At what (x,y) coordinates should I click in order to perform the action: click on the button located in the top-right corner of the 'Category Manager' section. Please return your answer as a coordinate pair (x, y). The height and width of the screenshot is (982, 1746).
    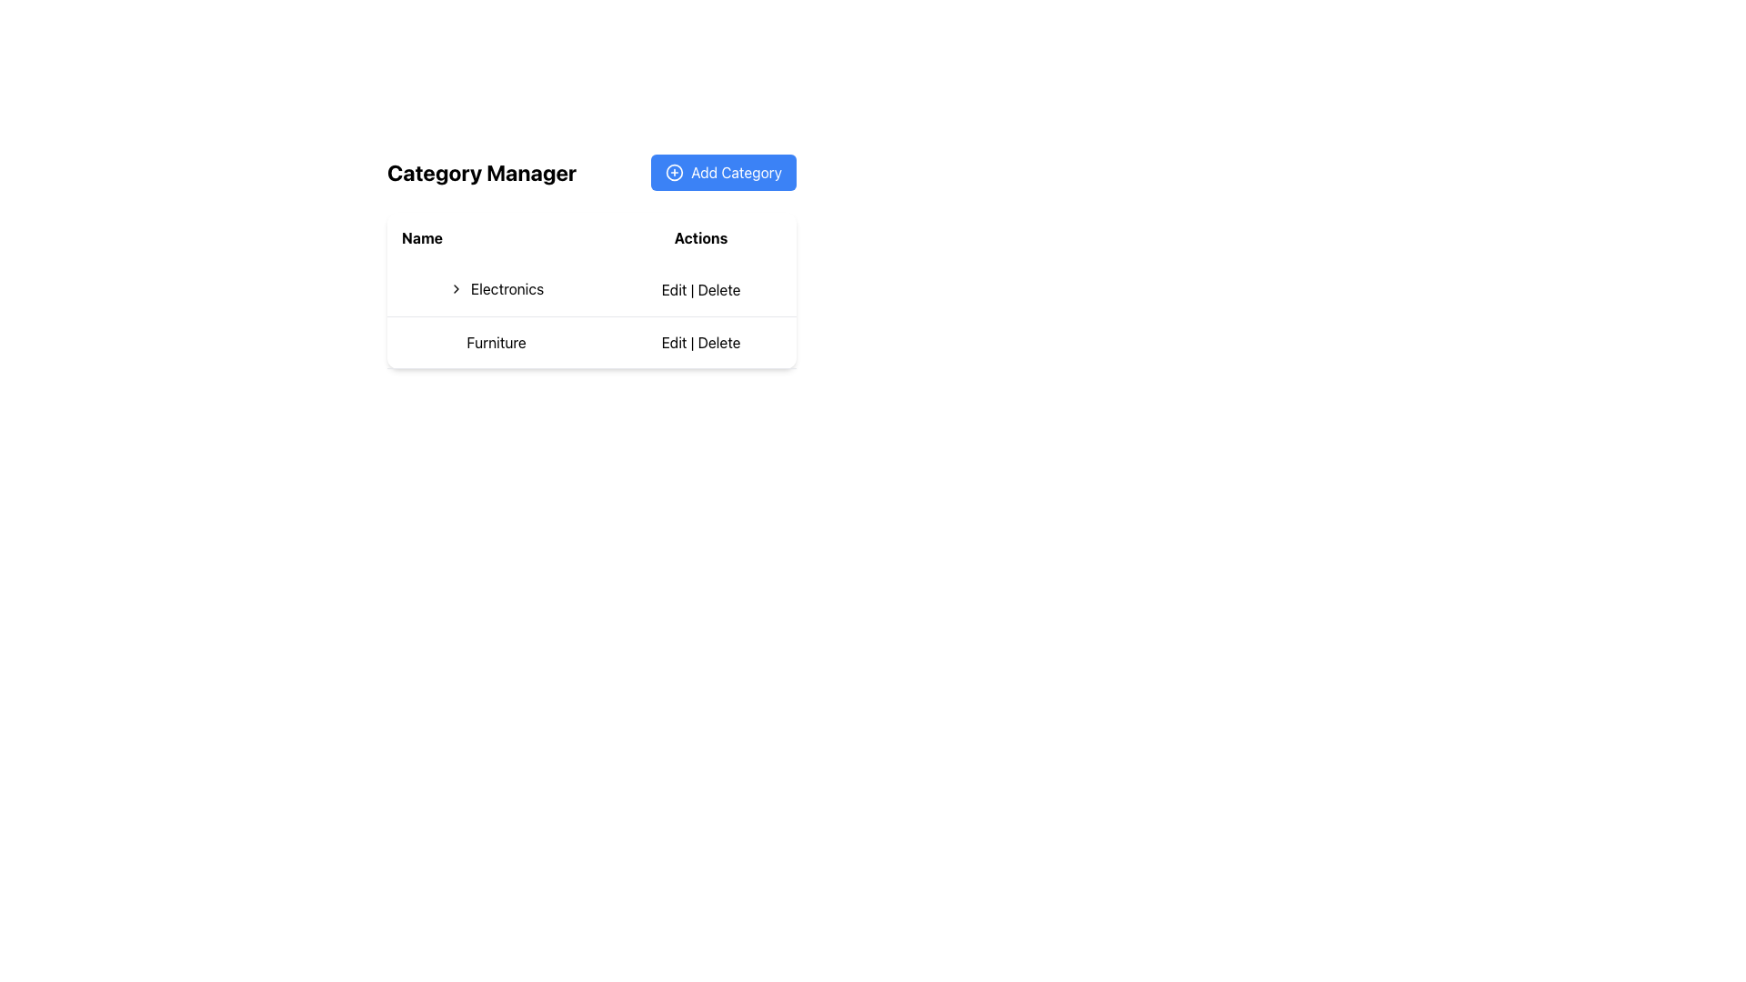
    Looking at the image, I should click on (723, 172).